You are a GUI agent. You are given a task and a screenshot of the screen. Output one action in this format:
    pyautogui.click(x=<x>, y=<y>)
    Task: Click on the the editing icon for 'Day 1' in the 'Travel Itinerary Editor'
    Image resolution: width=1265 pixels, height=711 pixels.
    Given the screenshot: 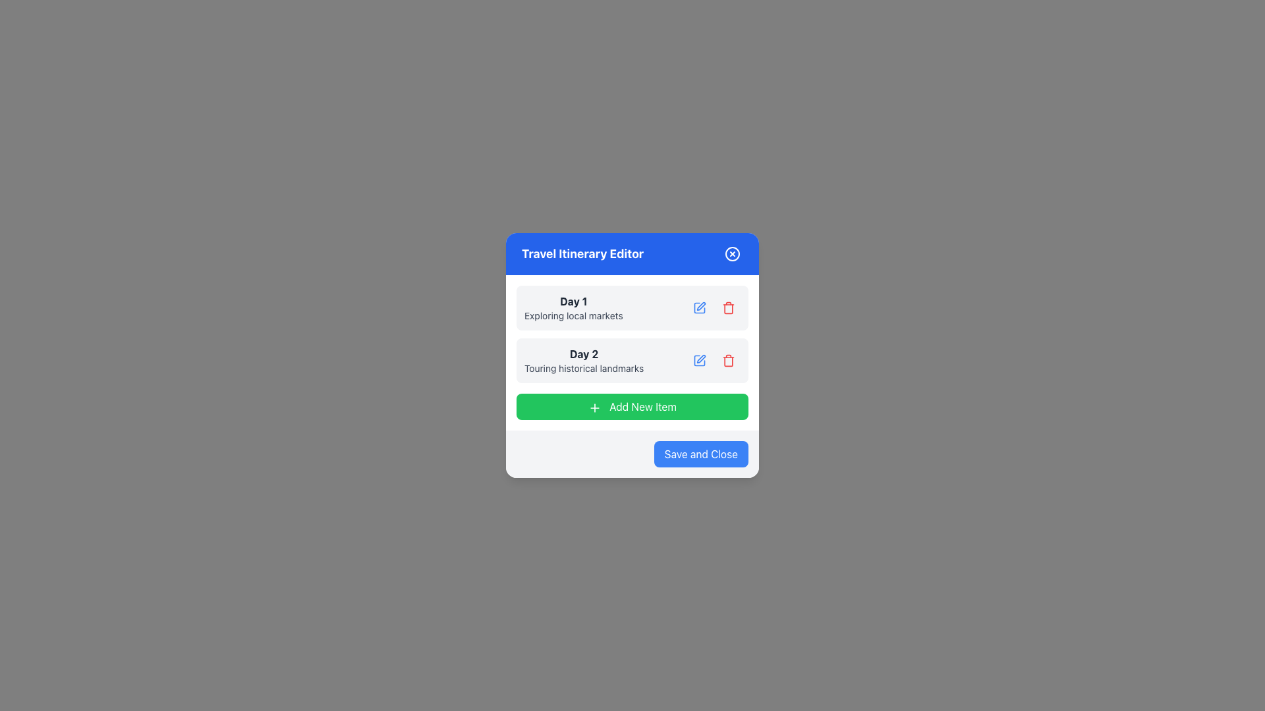 What is the action you would take?
    pyautogui.click(x=700, y=306)
    